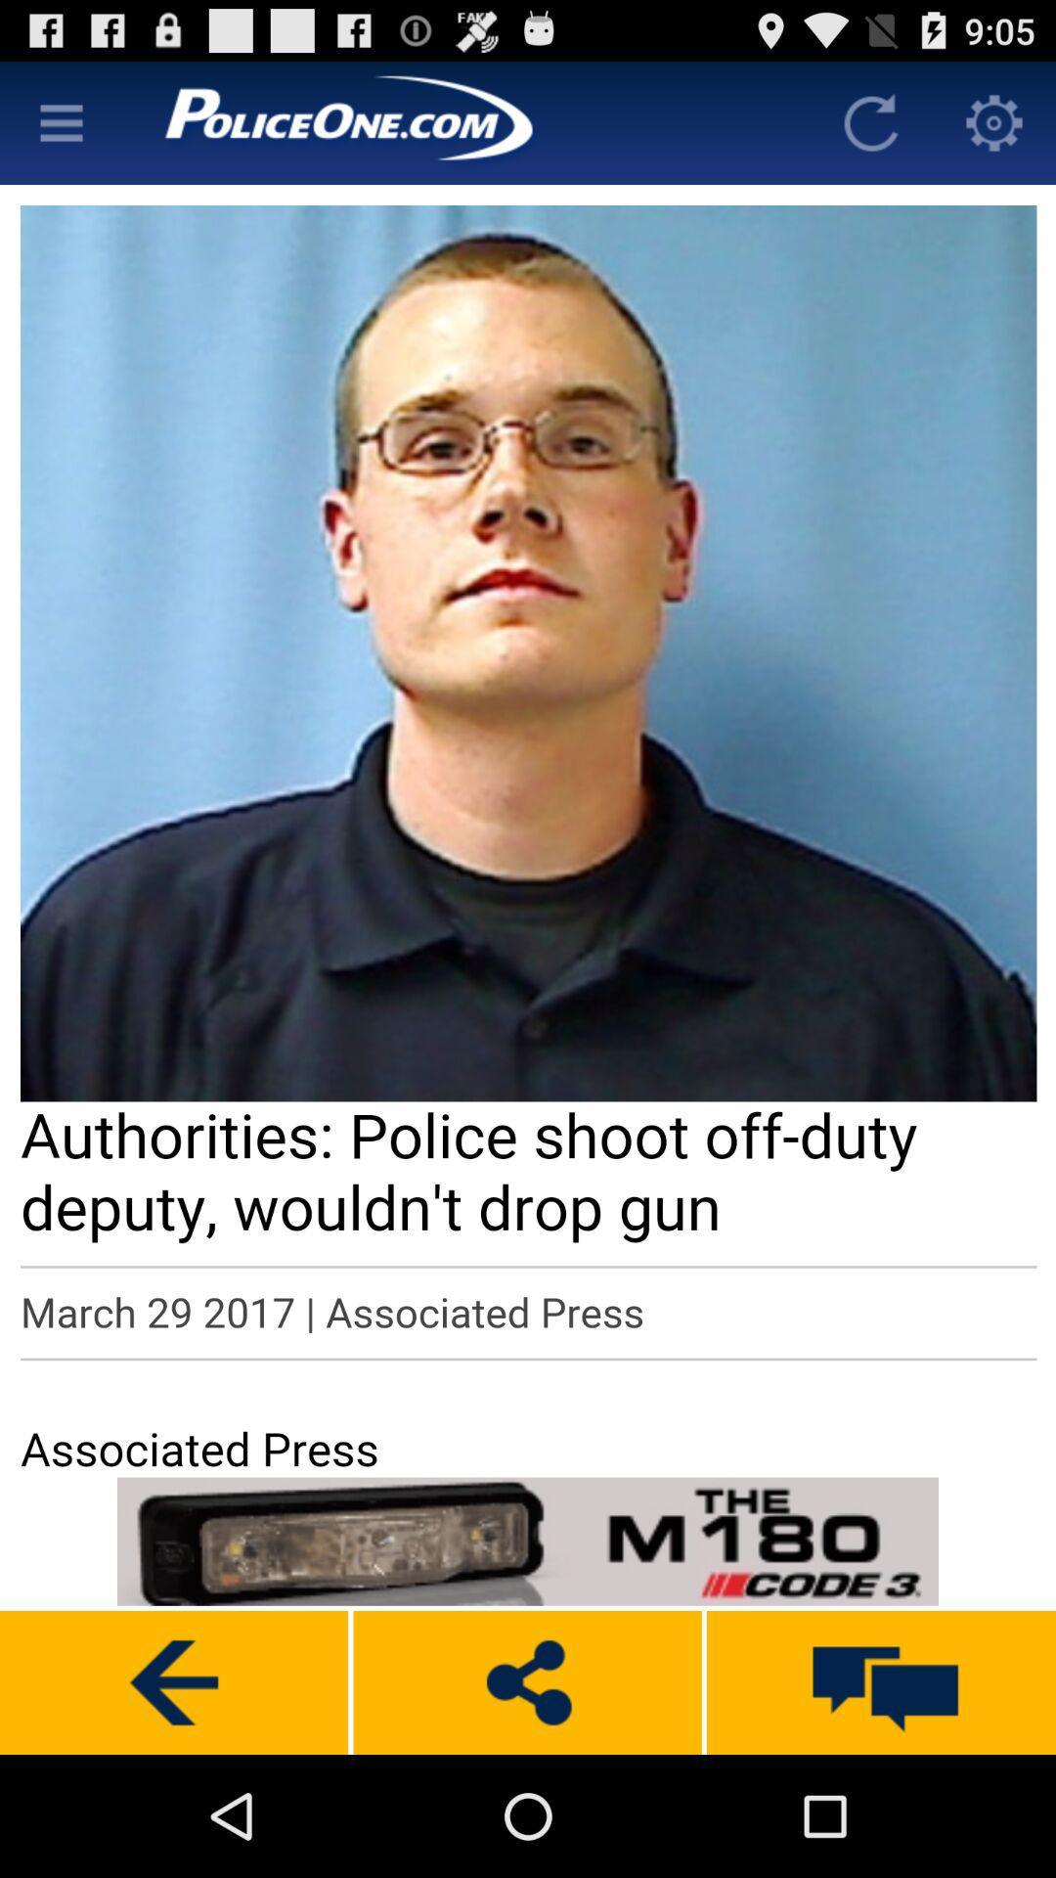 The image size is (1056, 1878). I want to click on share the article, so click(526, 1681).